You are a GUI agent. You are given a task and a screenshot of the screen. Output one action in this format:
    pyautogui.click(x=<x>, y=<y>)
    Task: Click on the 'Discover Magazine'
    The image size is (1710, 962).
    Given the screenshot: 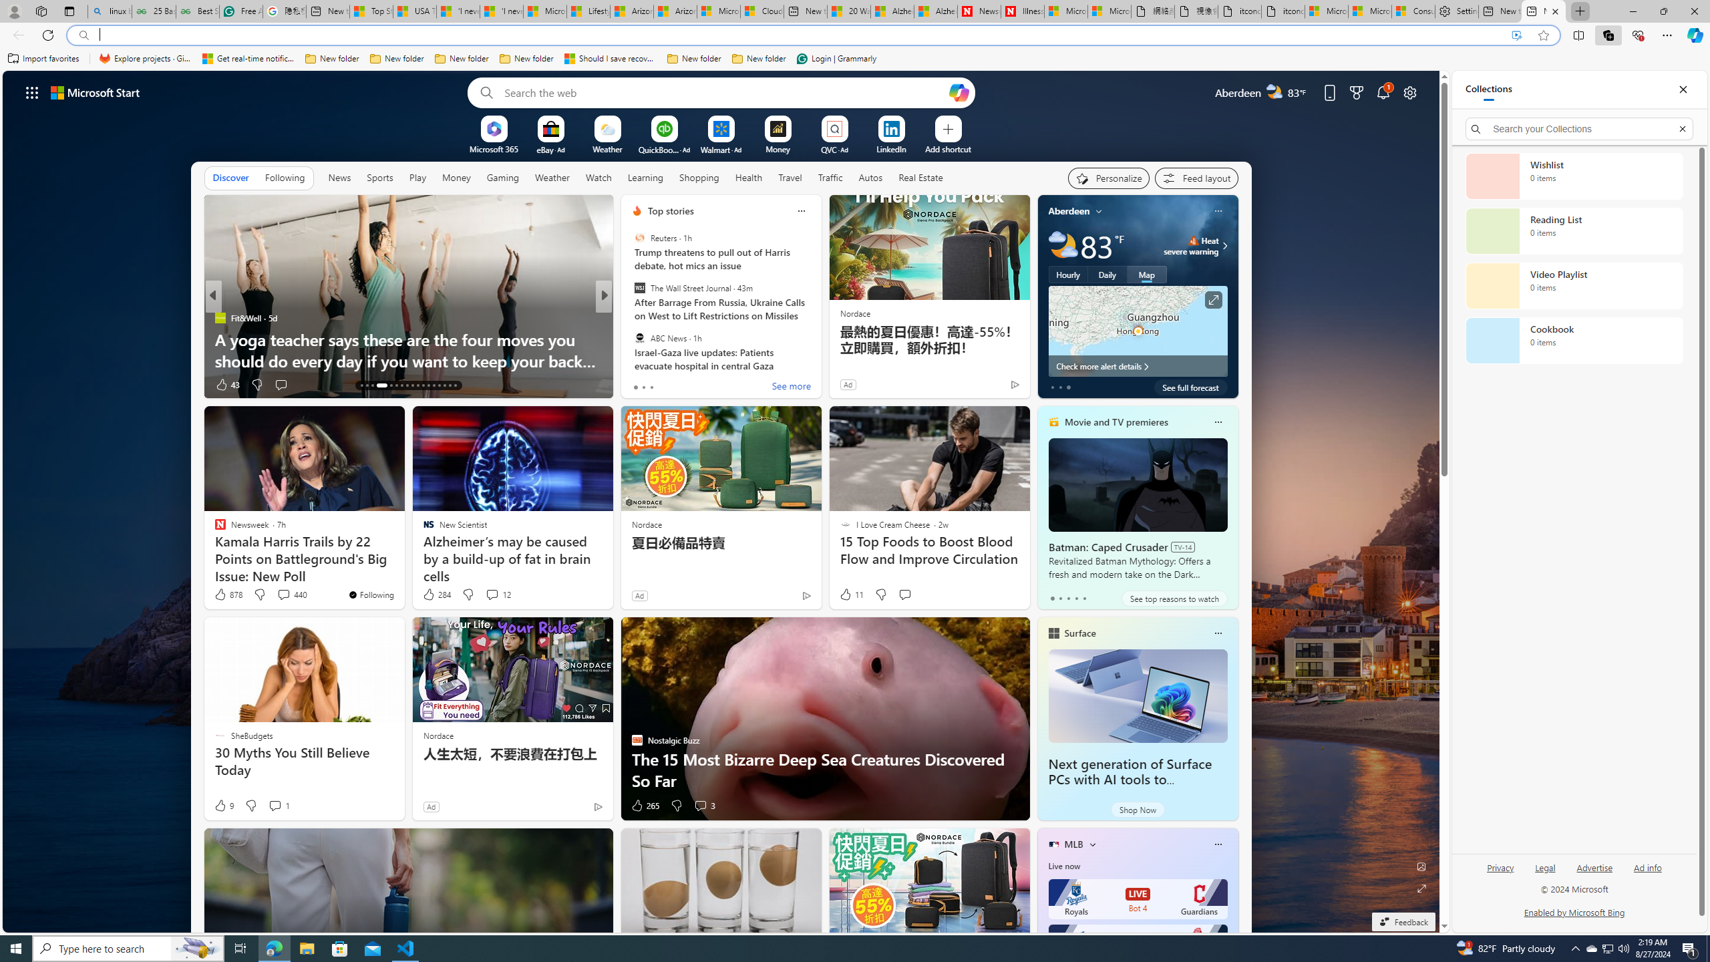 What is the action you would take?
    pyautogui.click(x=631, y=317)
    